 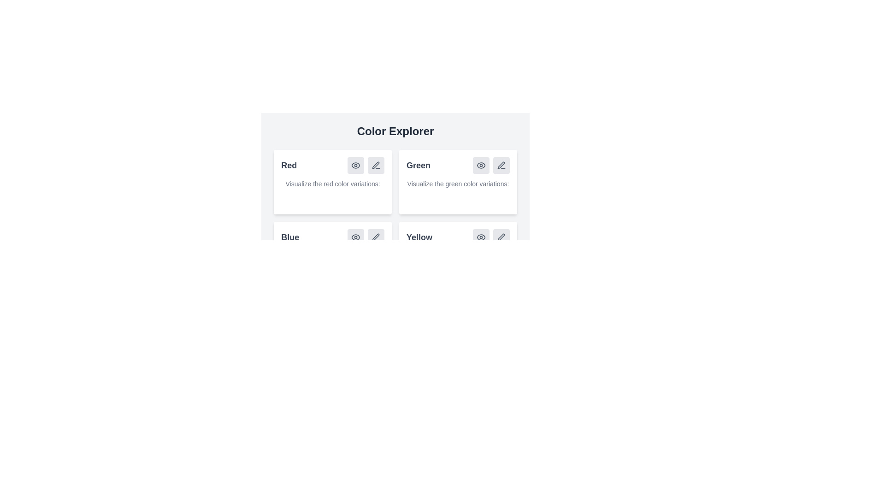 I want to click on the eye icon located within the top-left 'Red' card button, so click(x=355, y=165).